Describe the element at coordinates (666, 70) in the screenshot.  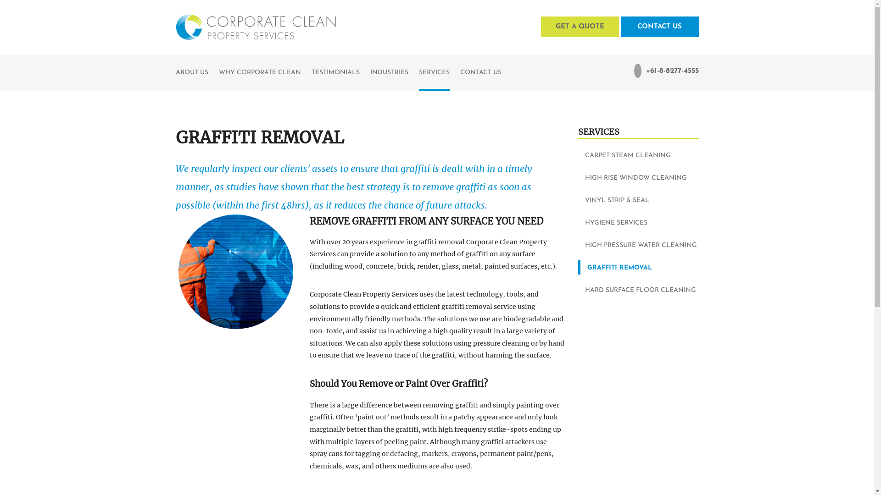
I see `'+61-8-8277-4555'` at that location.